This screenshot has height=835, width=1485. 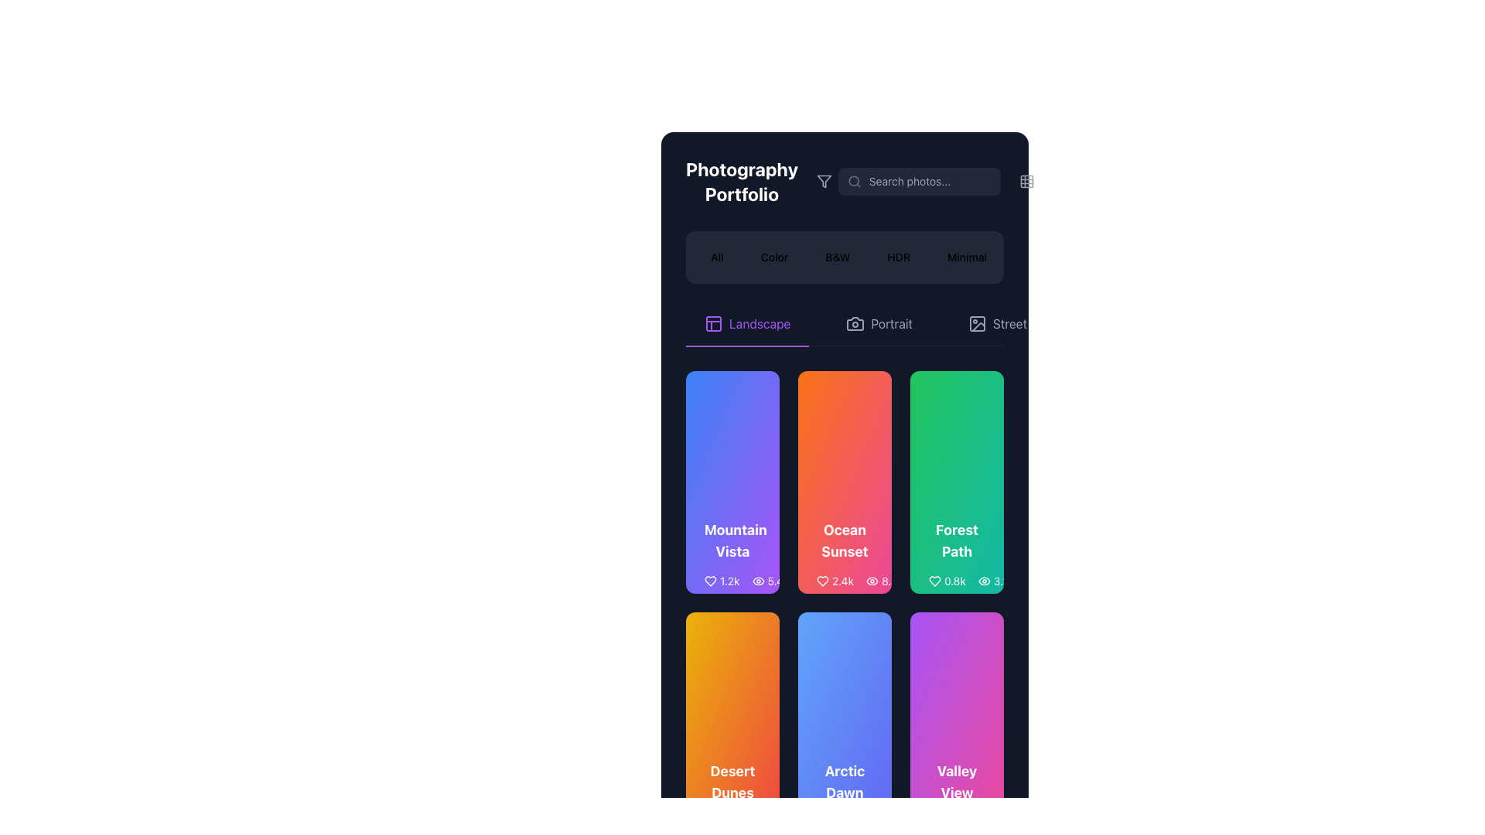 What do you see at coordinates (938, 181) in the screenshot?
I see `the search input field with placeholder text 'Search photos...' to focus on it` at bounding box center [938, 181].